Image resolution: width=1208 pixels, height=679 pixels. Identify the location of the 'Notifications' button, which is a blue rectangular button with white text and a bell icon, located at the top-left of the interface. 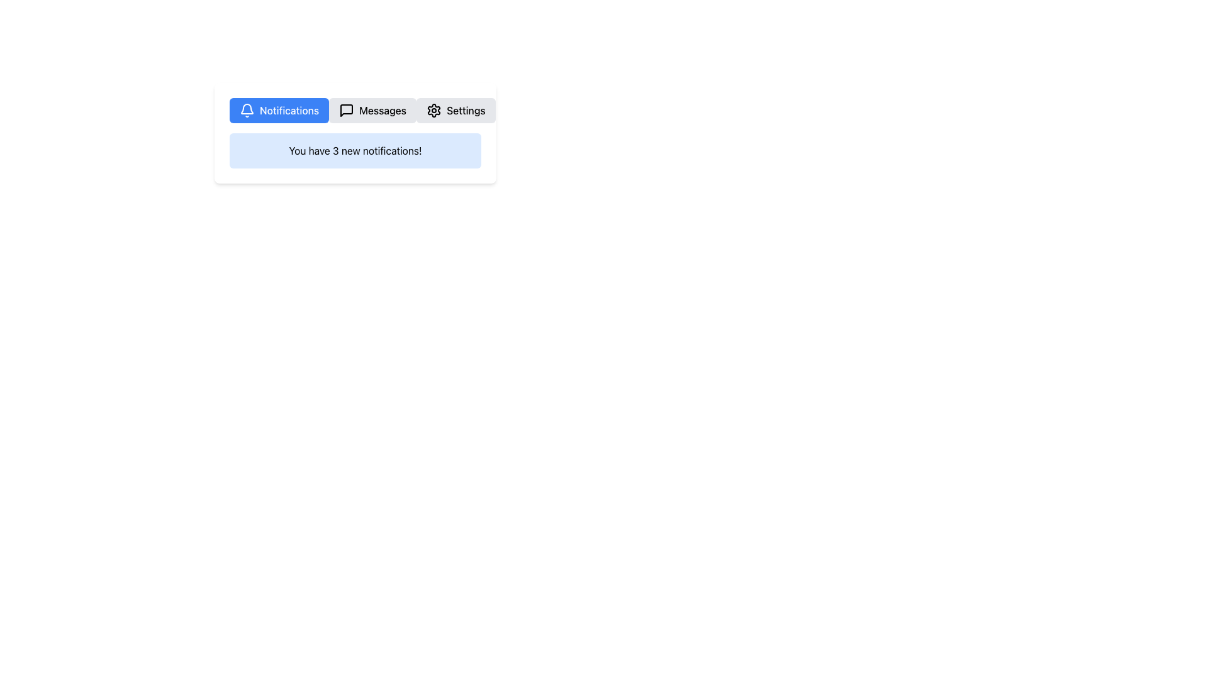
(279, 110).